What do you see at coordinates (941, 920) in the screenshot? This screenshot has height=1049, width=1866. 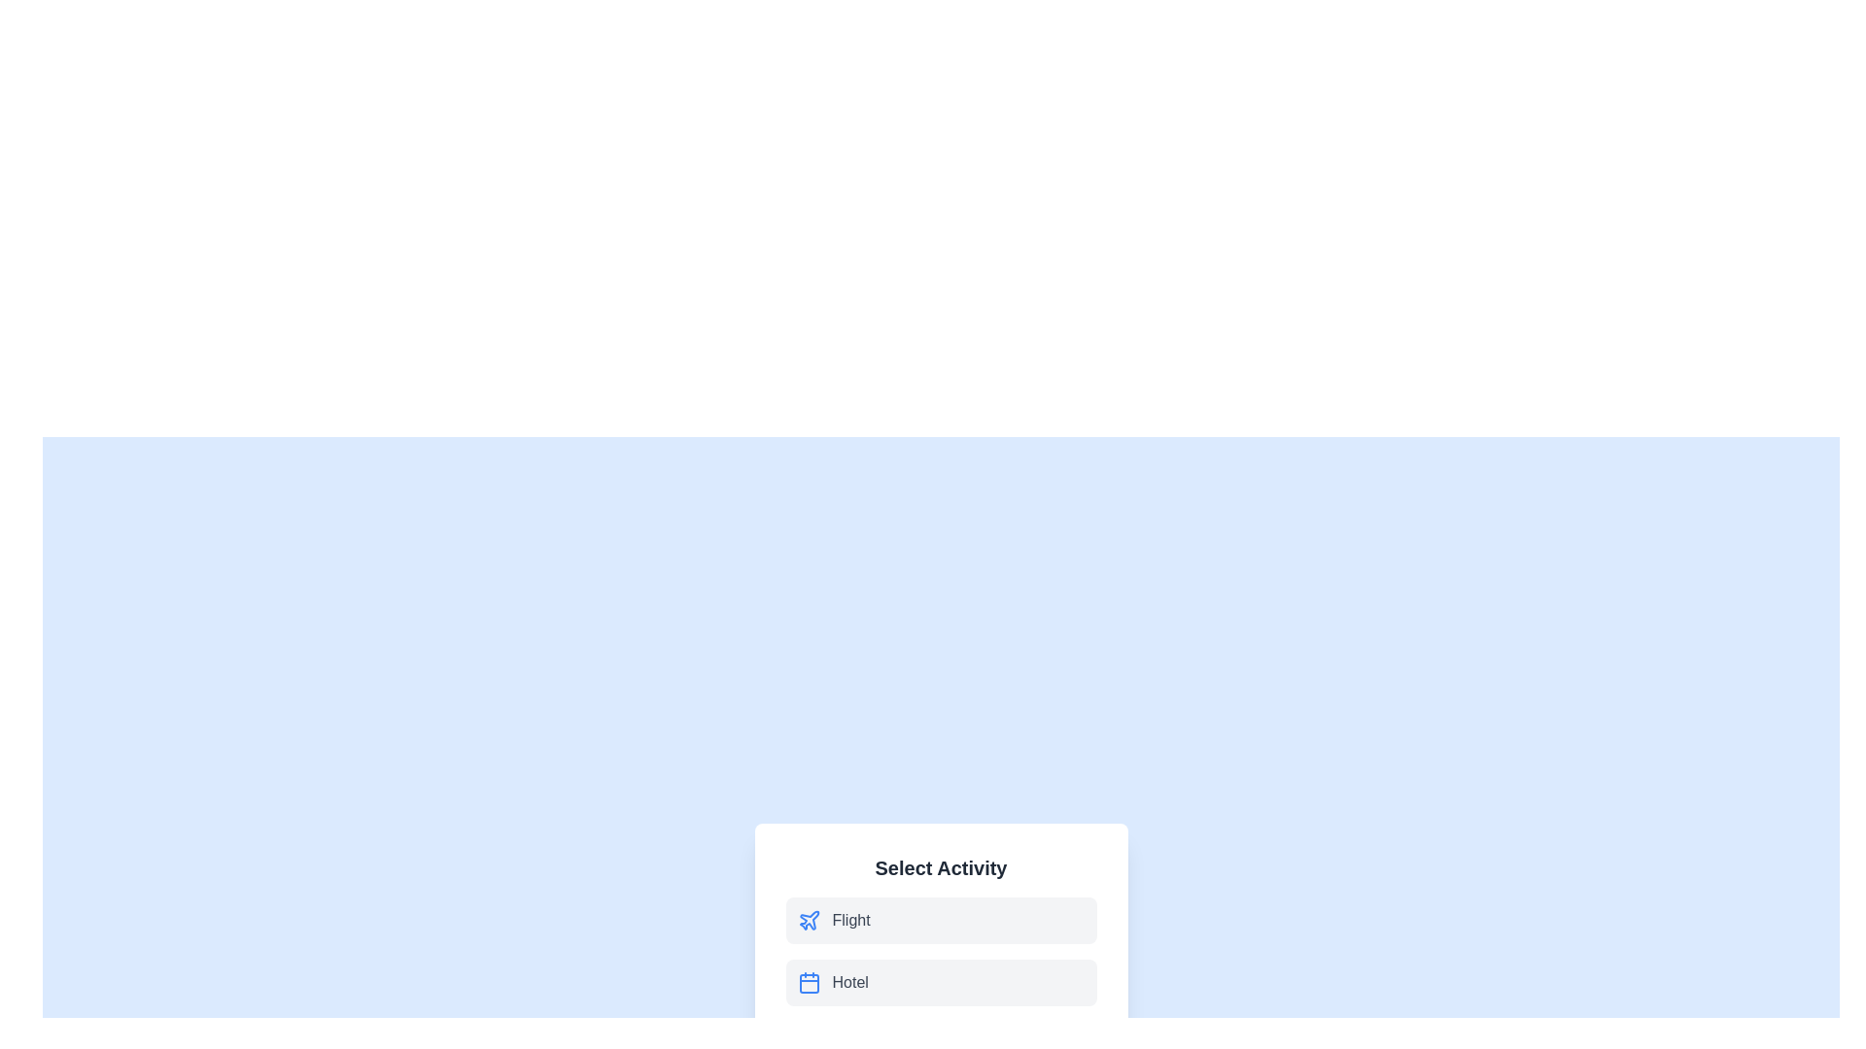 I see `the activity option Flight by clicking on it` at bounding box center [941, 920].